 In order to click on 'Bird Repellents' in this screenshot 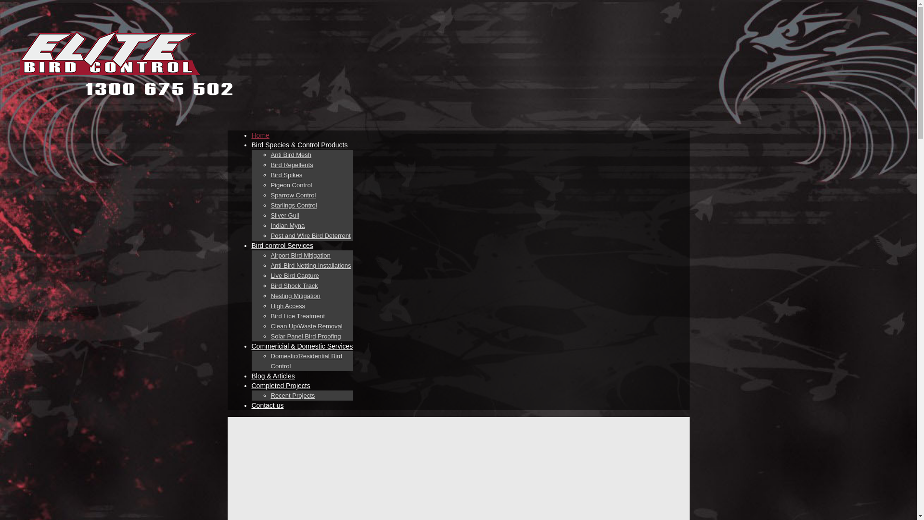, I will do `click(291, 165)`.